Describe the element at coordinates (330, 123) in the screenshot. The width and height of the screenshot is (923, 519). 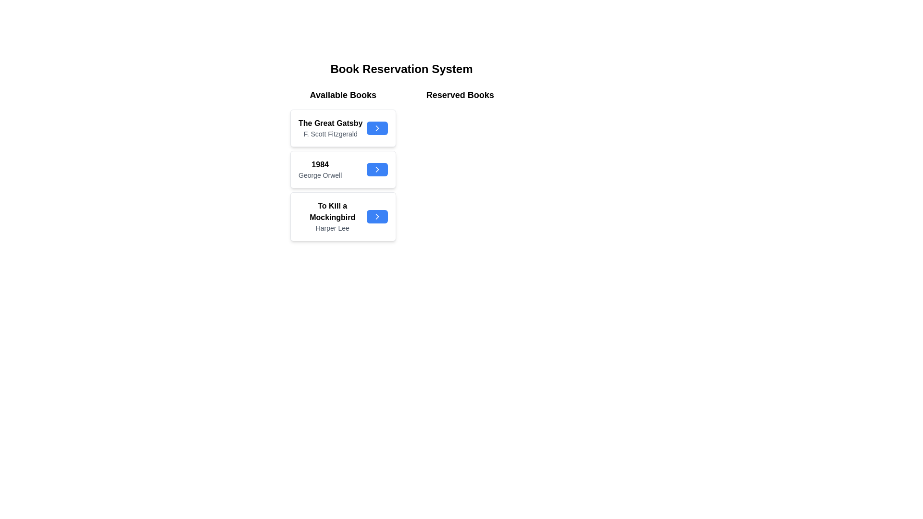
I see `the static text label that reads 'The Great Gatsby', which is a bold black text positioned at the top of a card in the 'Available Books' section` at that location.